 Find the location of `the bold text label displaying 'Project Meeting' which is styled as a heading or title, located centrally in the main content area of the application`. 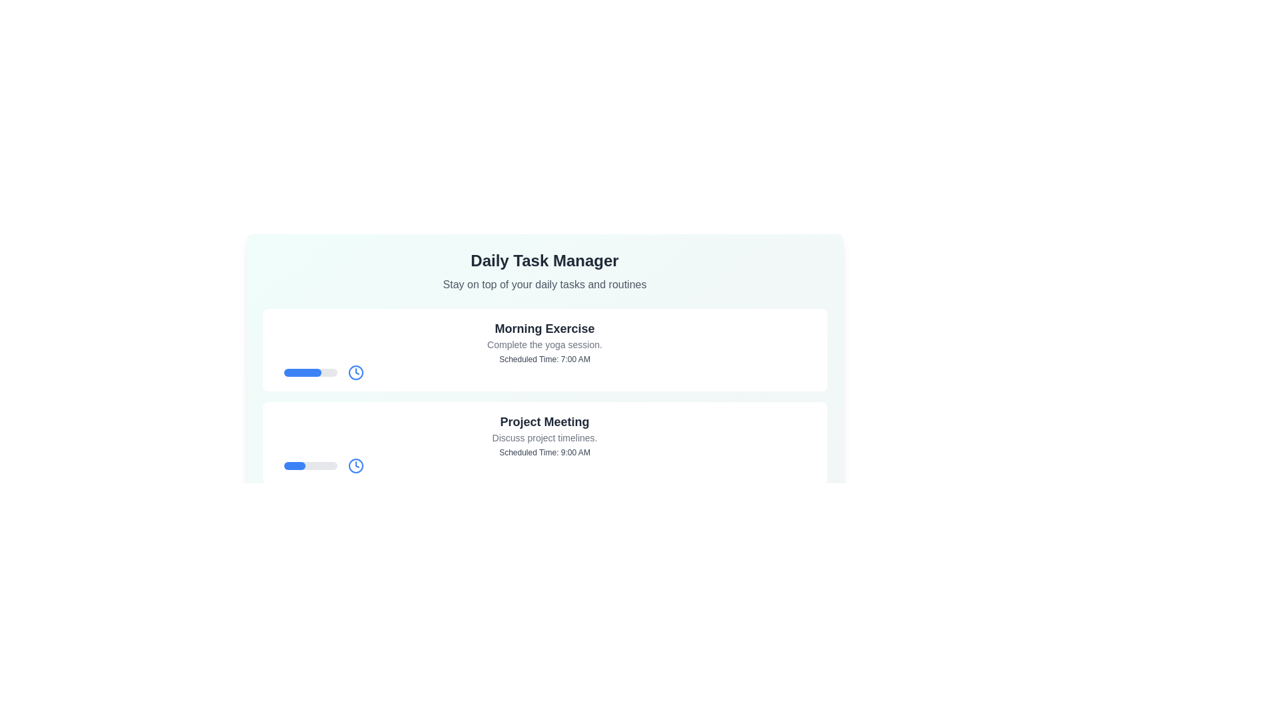

the bold text label displaying 'Project Meeting' which is styled as a heading or title, located centrally in the main content area of the application is located at coordinates (544, 421).